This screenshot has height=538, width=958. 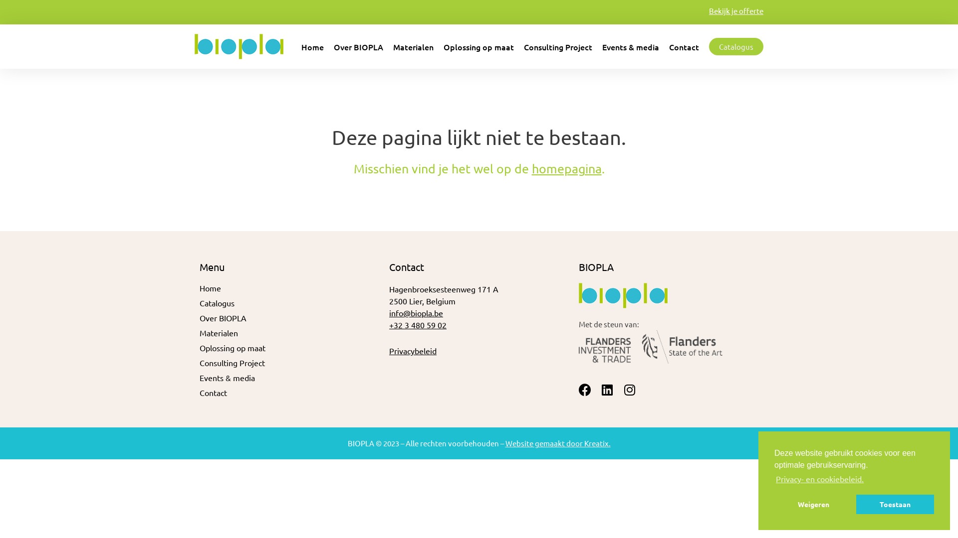 I want to click on 'Facebook', so click(x=585, y=389).